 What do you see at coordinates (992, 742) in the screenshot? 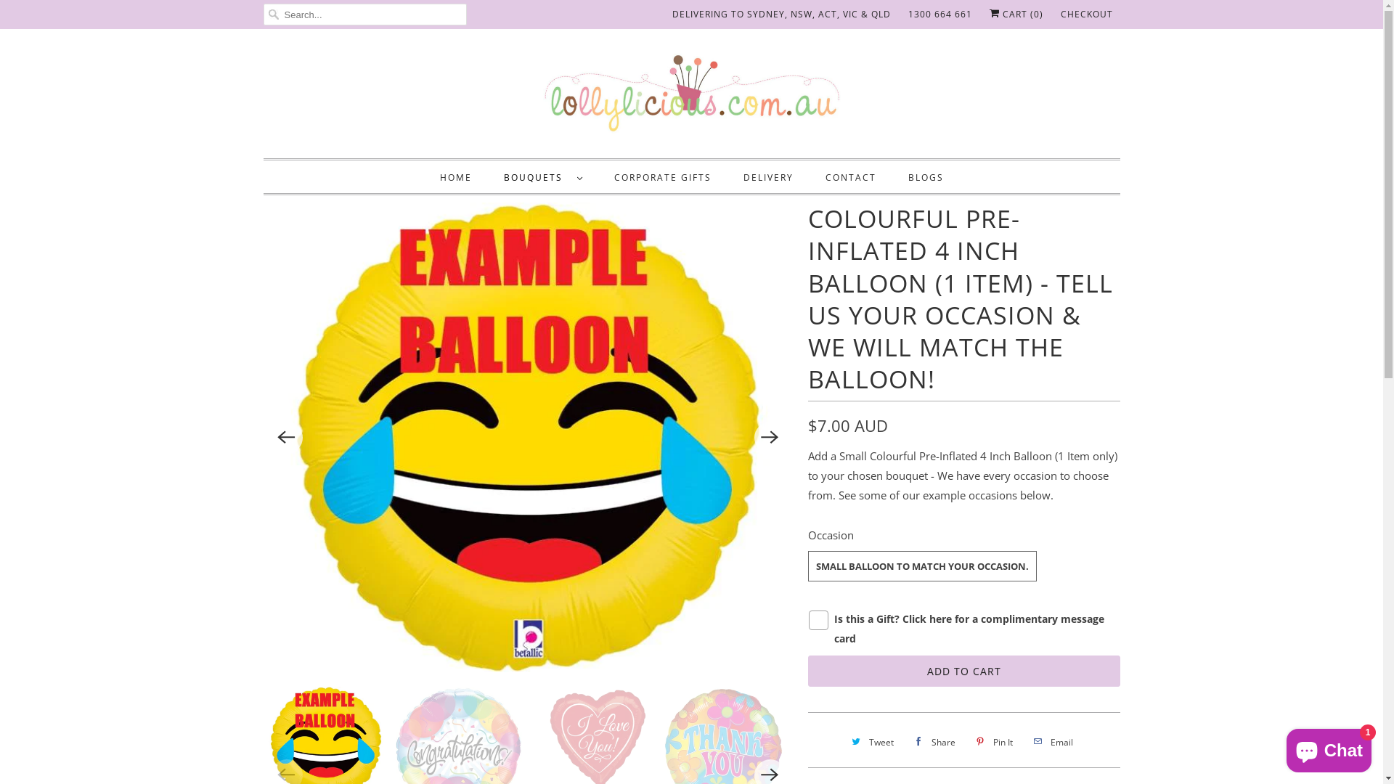
I see `'Pin It'` at bounding box center [992, 742].